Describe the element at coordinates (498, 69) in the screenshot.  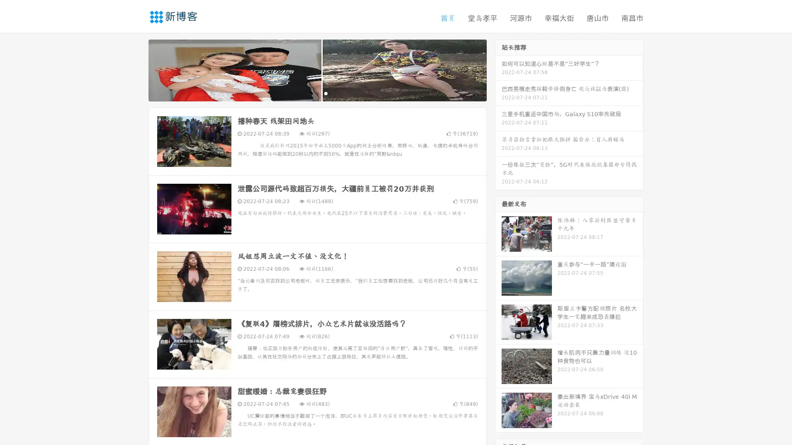
I see `Next slide` at that location.